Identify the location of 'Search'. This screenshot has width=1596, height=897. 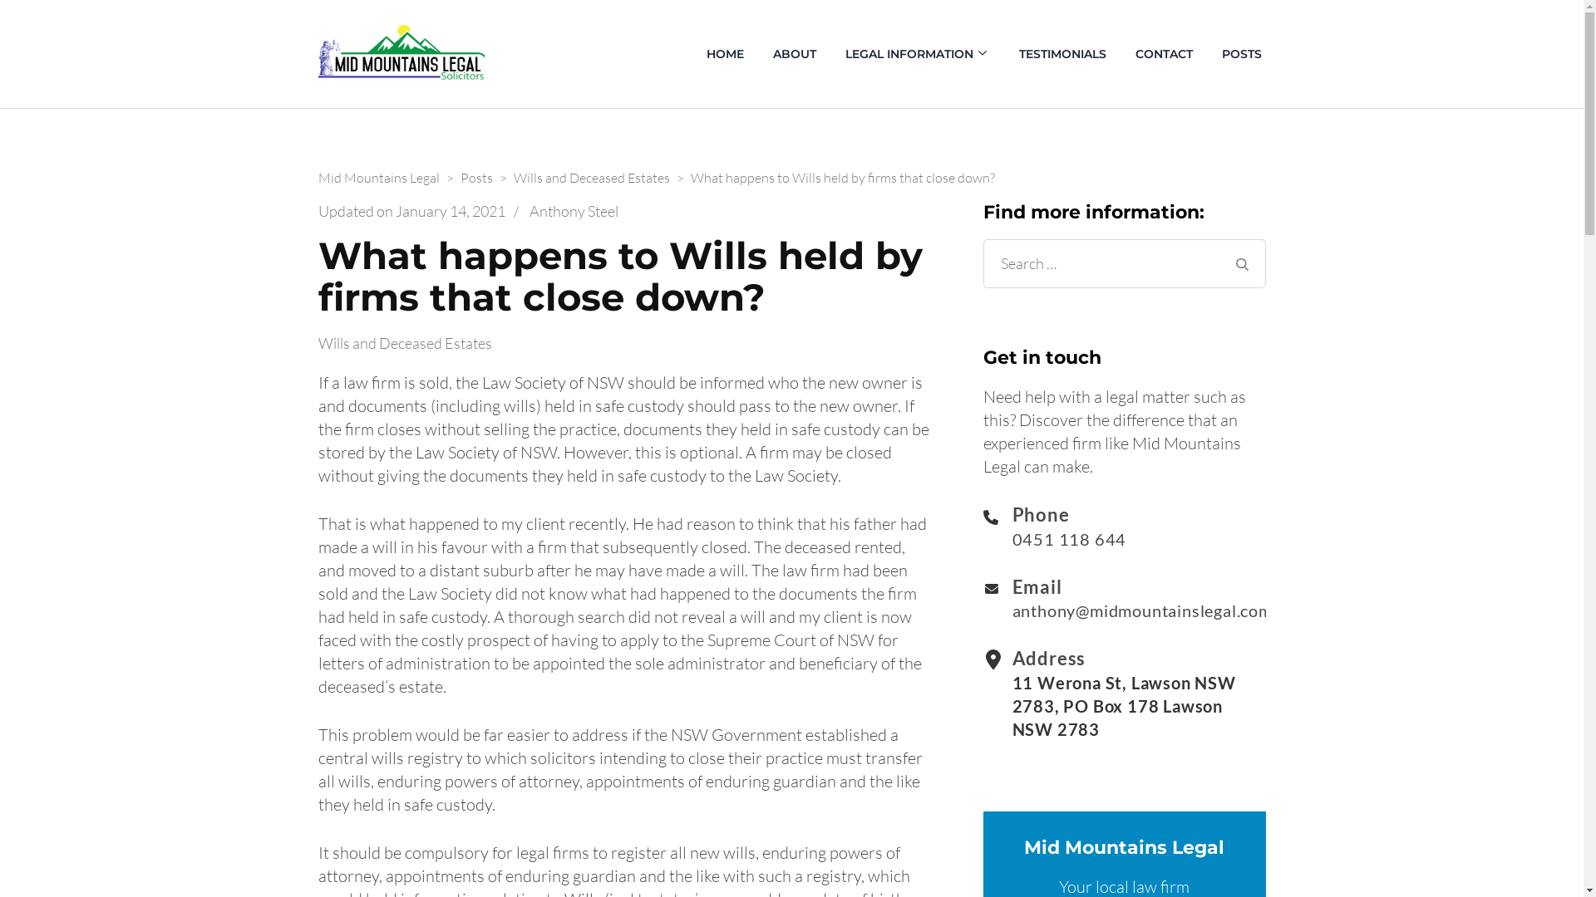
(1241, 263).